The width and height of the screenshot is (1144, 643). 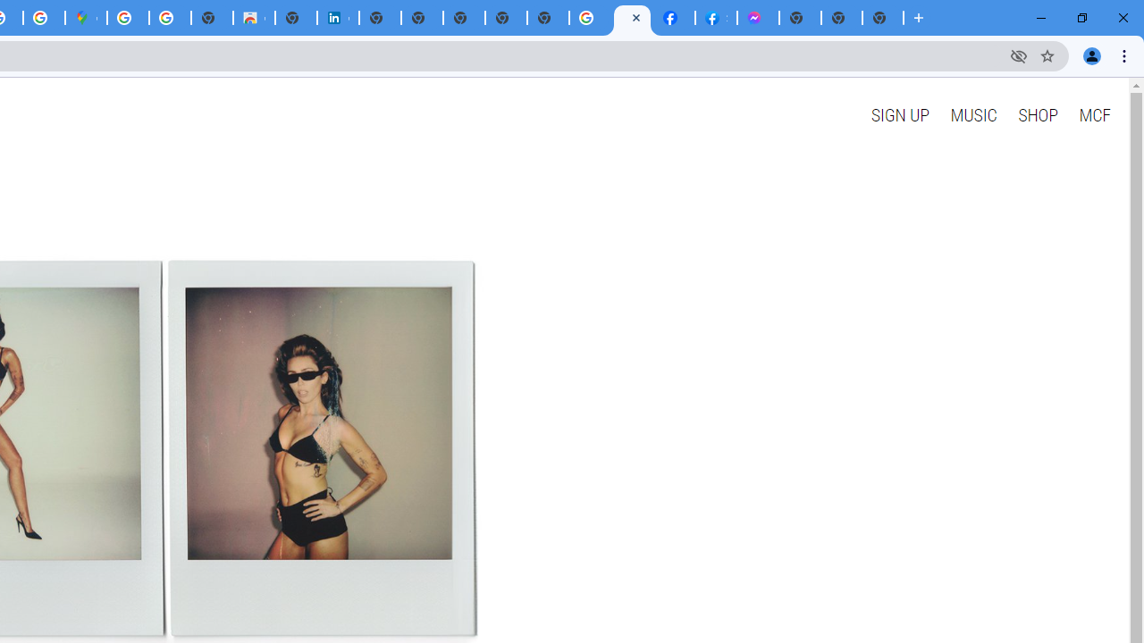 What do you see at coordinates (883, 18) in the screenshot?
I see `'New Tab'` at bounding box center [883, 18].